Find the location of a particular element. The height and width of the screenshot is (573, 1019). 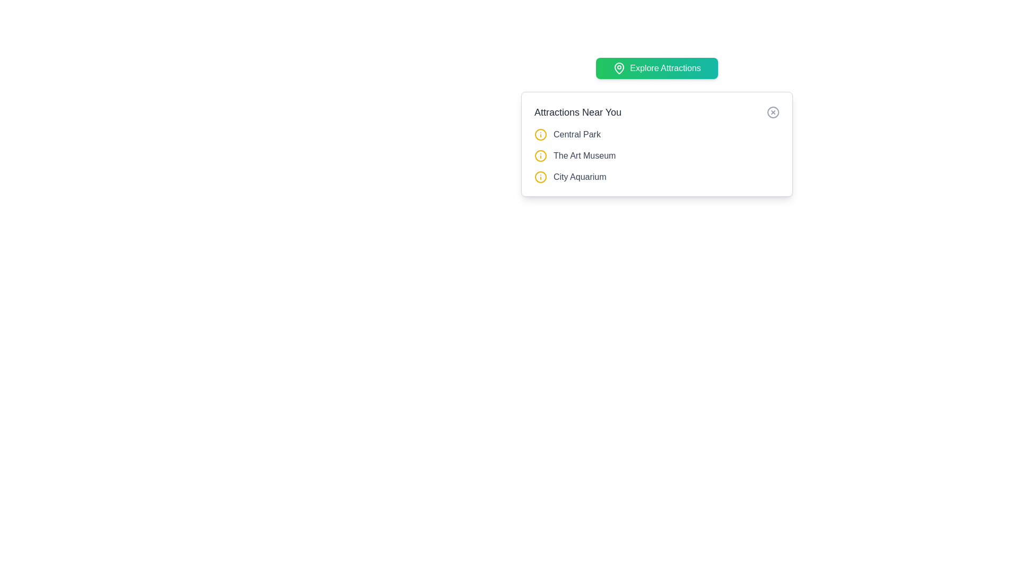

the information icon located to the left of the text 'City Aquarium', which serves as an indicator for additional details is located at coordinates (540, 177).